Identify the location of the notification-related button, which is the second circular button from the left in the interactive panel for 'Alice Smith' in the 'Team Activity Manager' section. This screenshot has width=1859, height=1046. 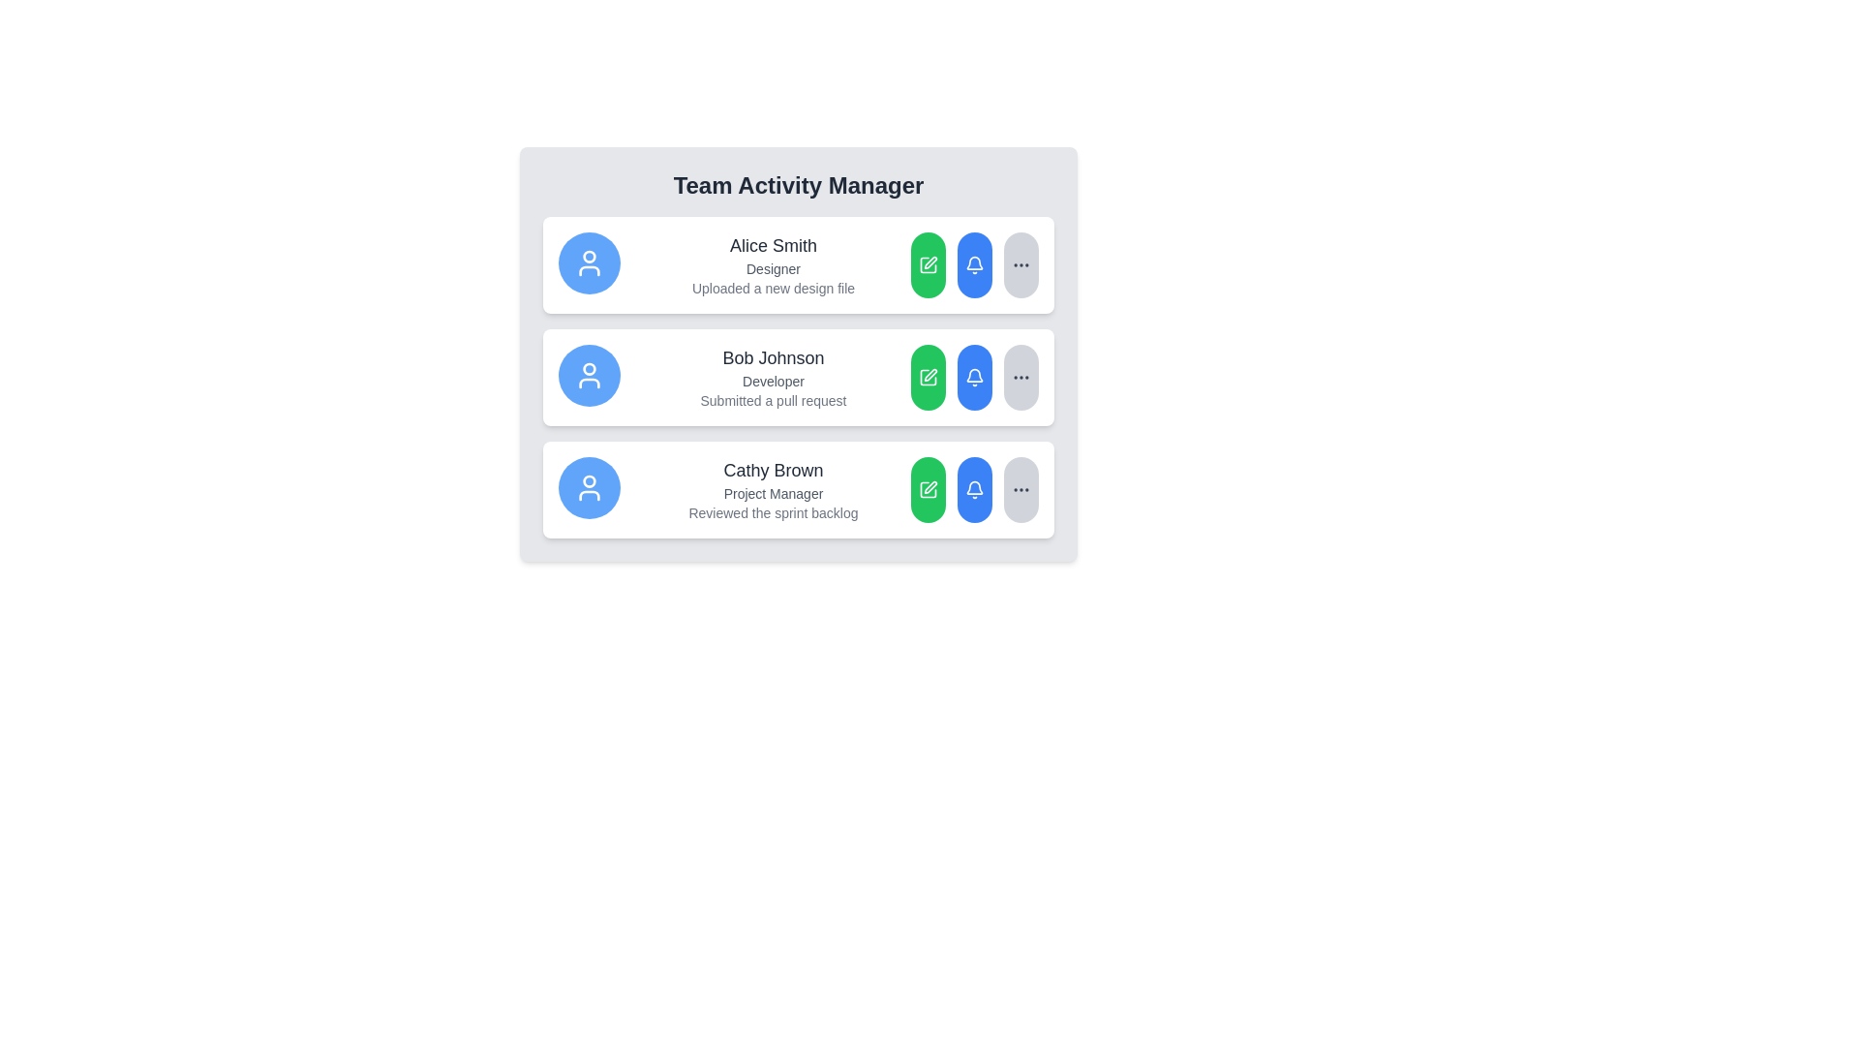
(975, 264).